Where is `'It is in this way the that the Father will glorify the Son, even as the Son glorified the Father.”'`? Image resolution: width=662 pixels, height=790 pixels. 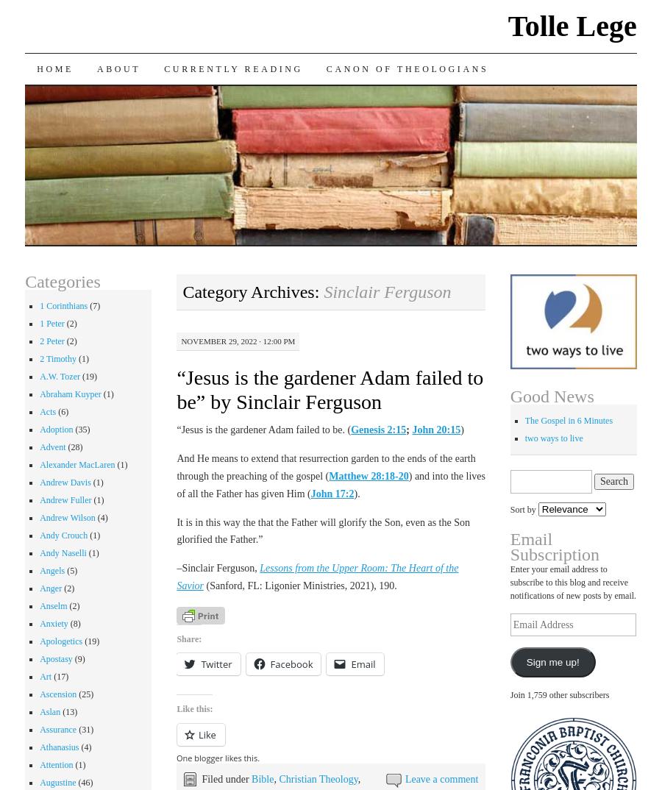
'It is in this way the that the Father will glorify the Son, even as the Son glorified the Father.”' is located at coordinates (323, 530).